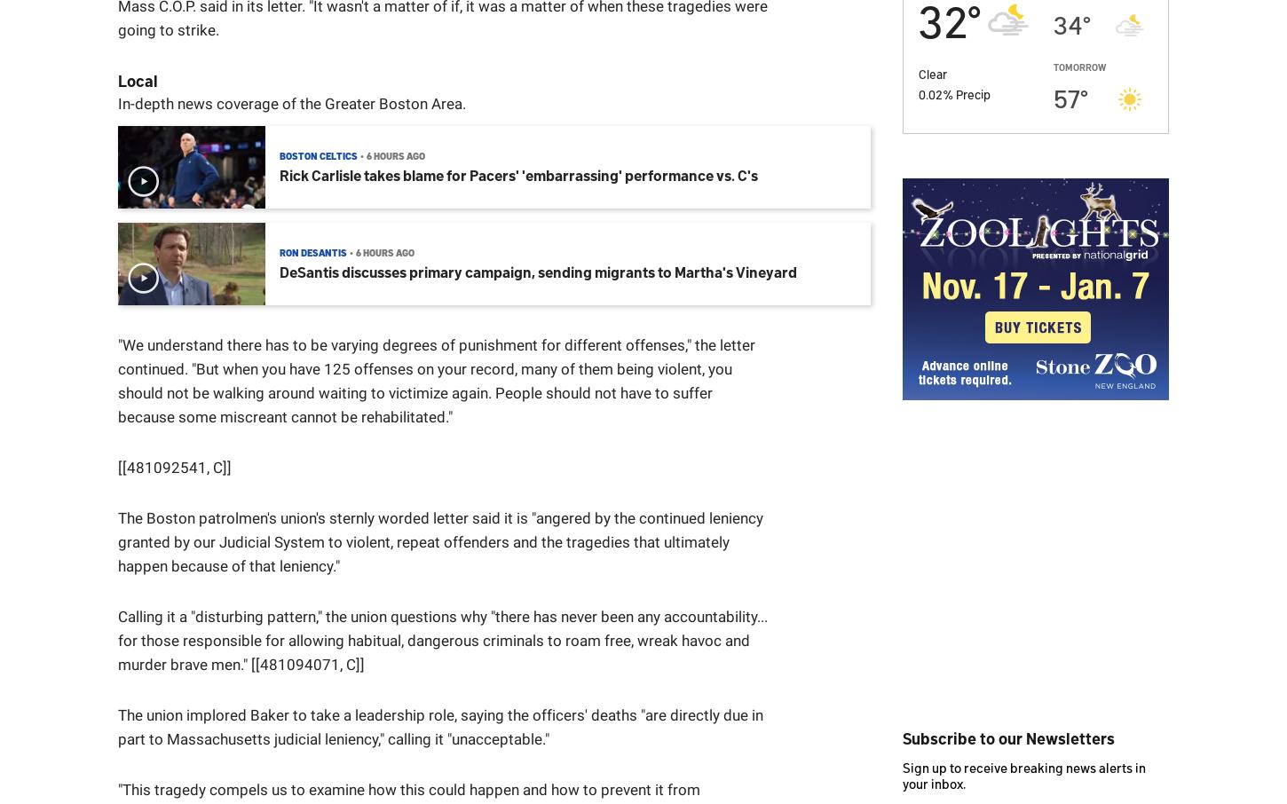  I want to click on '"We understand there has to be varying degrees of punishment for different offenses," the letter continued. "But when you have 125 offenses on your record, many of them being violent, you should not be walking around waiting to victimize again. People should not have to suffer because some miscreant cannot be rehabilitated."', so click(436, 380).